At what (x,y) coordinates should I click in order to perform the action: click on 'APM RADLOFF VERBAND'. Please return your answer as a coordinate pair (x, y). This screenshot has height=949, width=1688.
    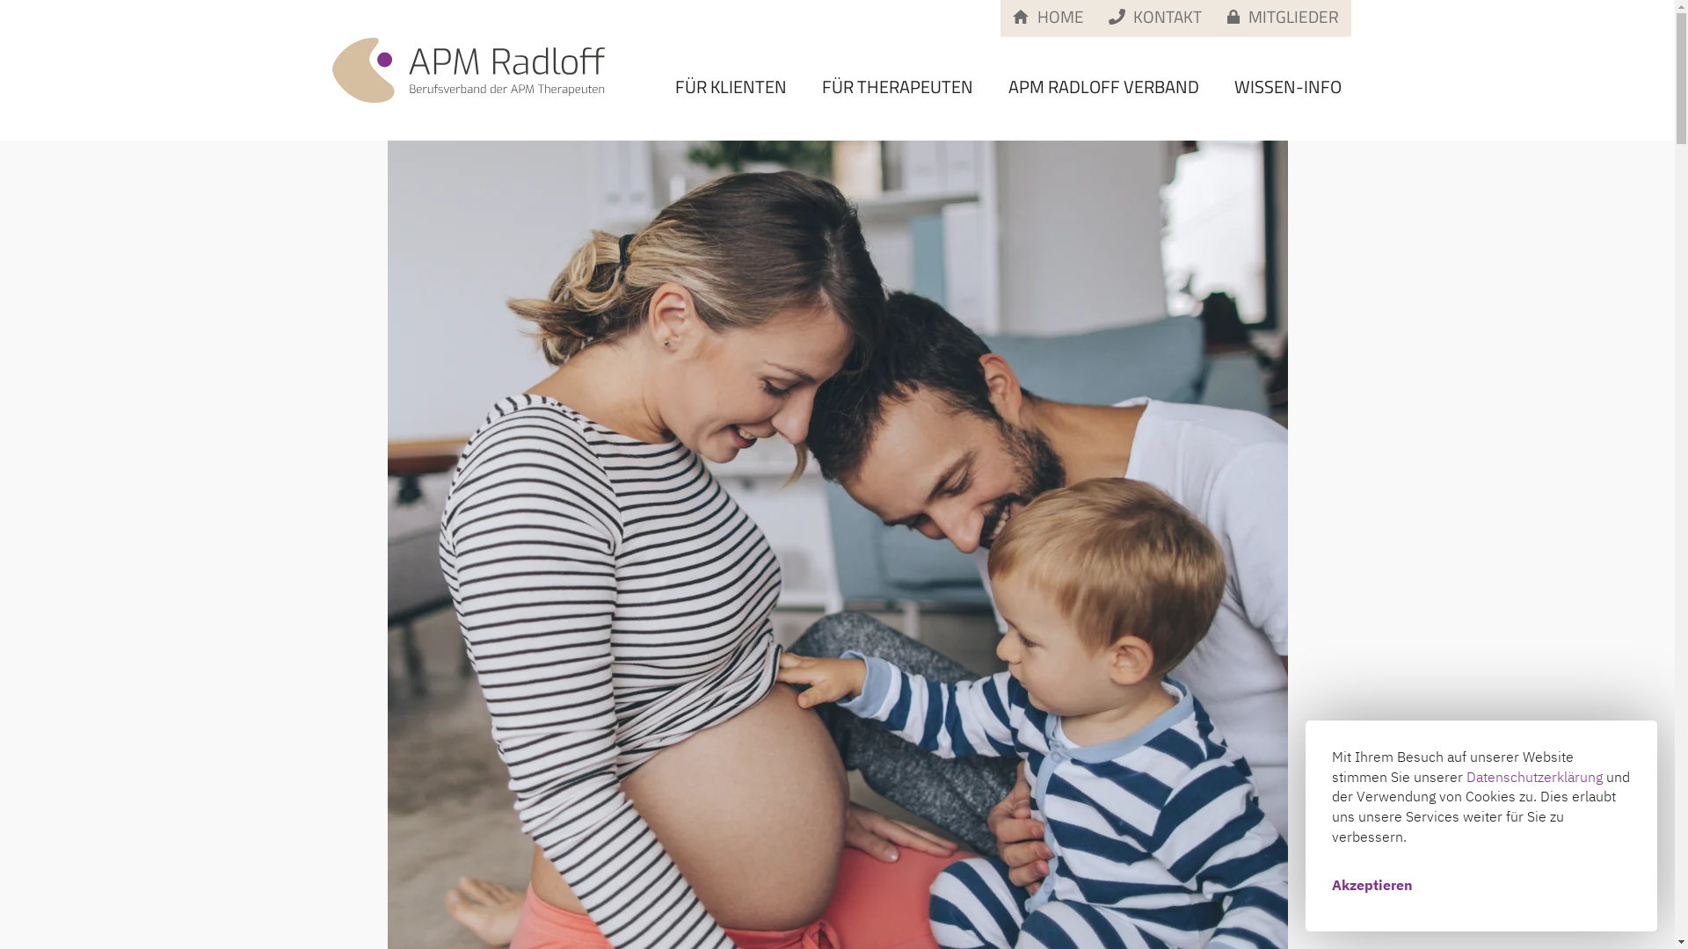
    Looking at the image, I should click on (1102, 87).